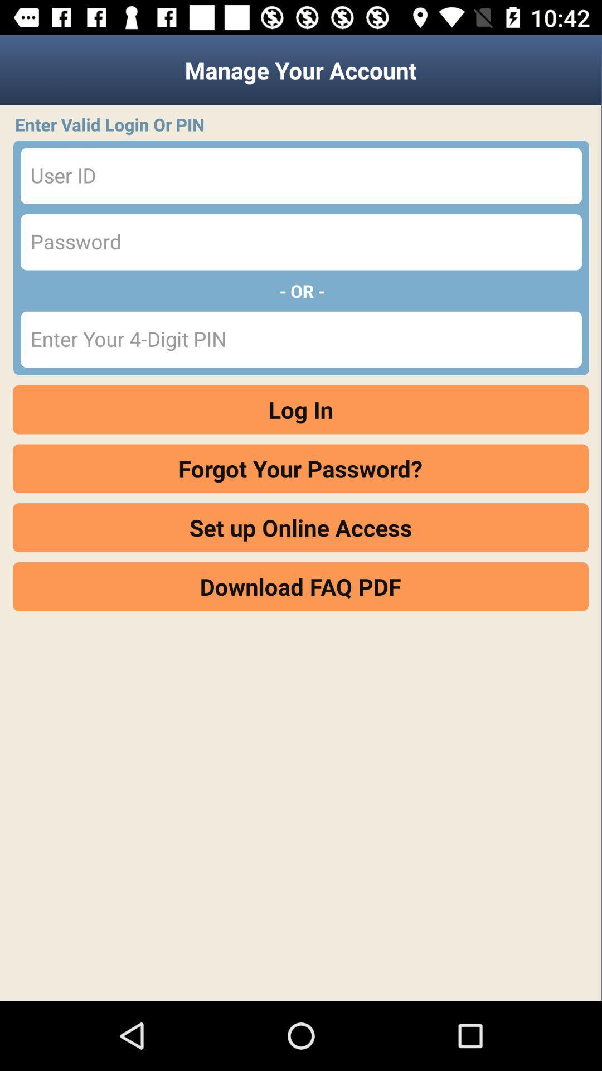 The height and width of the screenshot is (1071, 602). I want to click on download faq pdf, so click(300, 586).